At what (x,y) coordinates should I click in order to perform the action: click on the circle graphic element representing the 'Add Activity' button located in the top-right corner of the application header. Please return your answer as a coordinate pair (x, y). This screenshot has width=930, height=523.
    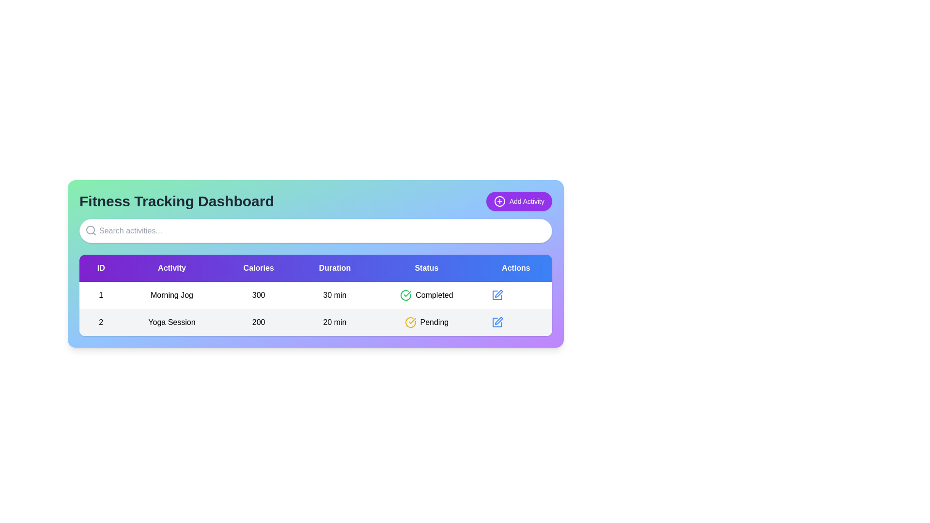
    Looking at the image, I should click on (499, 201).